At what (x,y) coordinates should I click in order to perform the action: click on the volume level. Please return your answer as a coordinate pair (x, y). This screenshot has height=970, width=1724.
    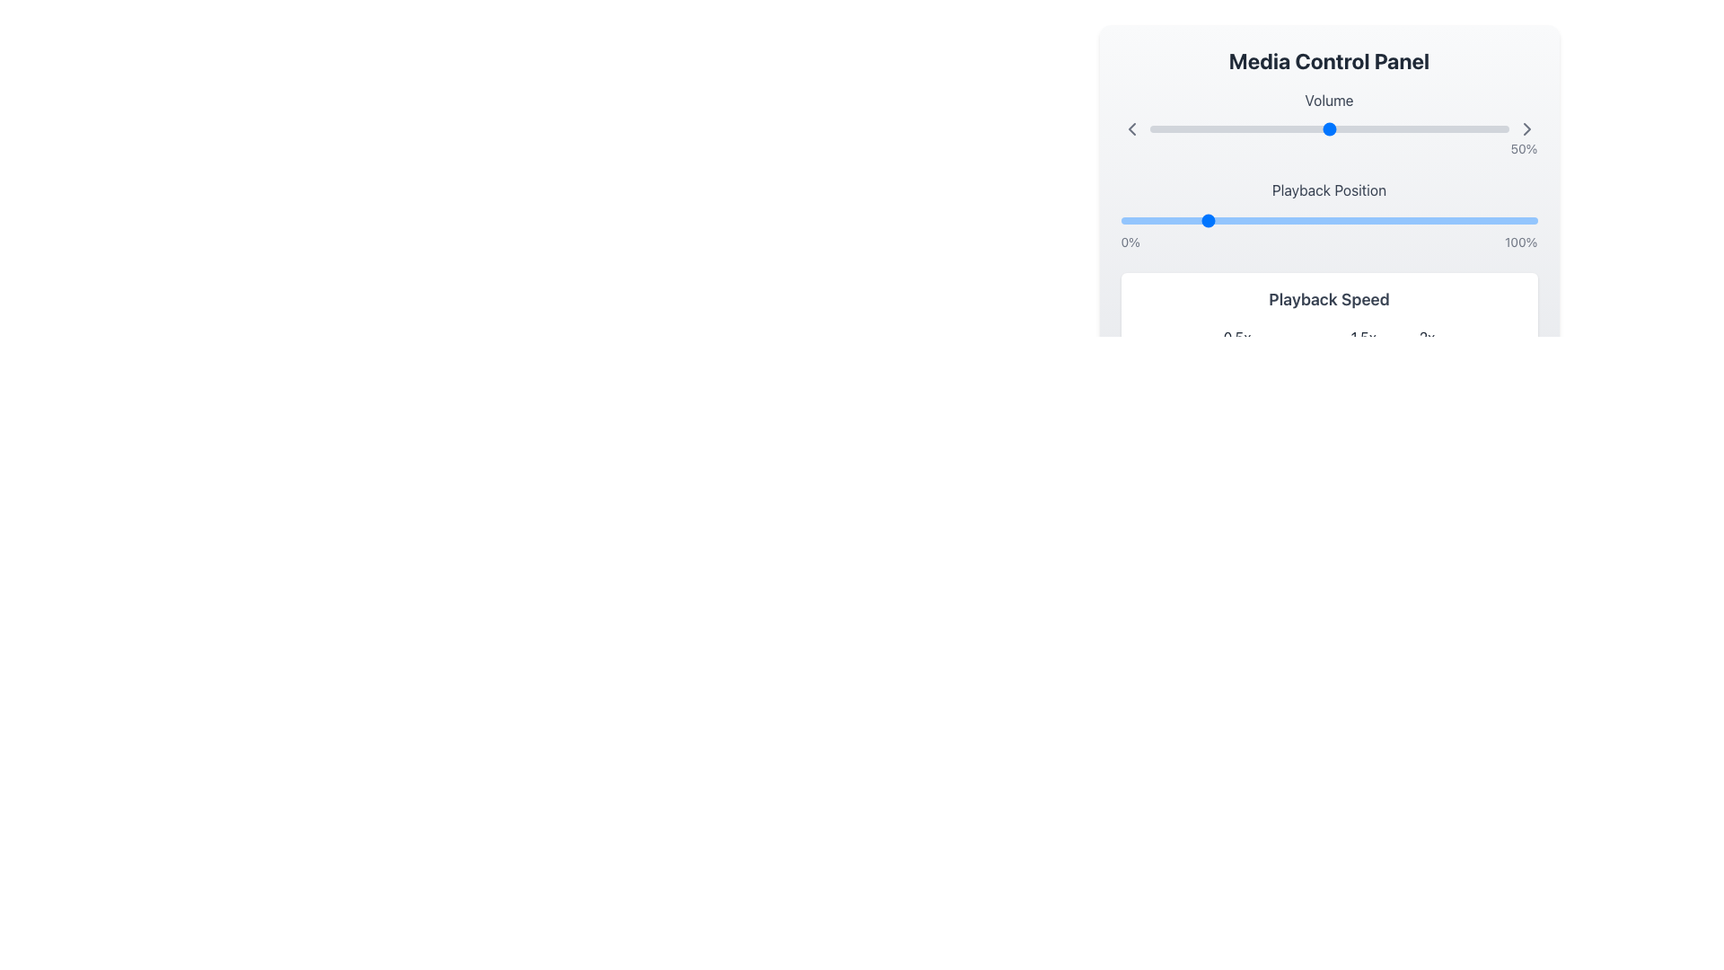
    Looking at the image, I should click on (1465, 128).